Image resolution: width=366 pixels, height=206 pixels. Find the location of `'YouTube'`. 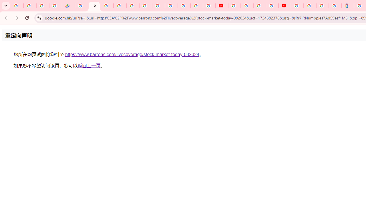

'YouTube' is located at coordinates (234, 6).